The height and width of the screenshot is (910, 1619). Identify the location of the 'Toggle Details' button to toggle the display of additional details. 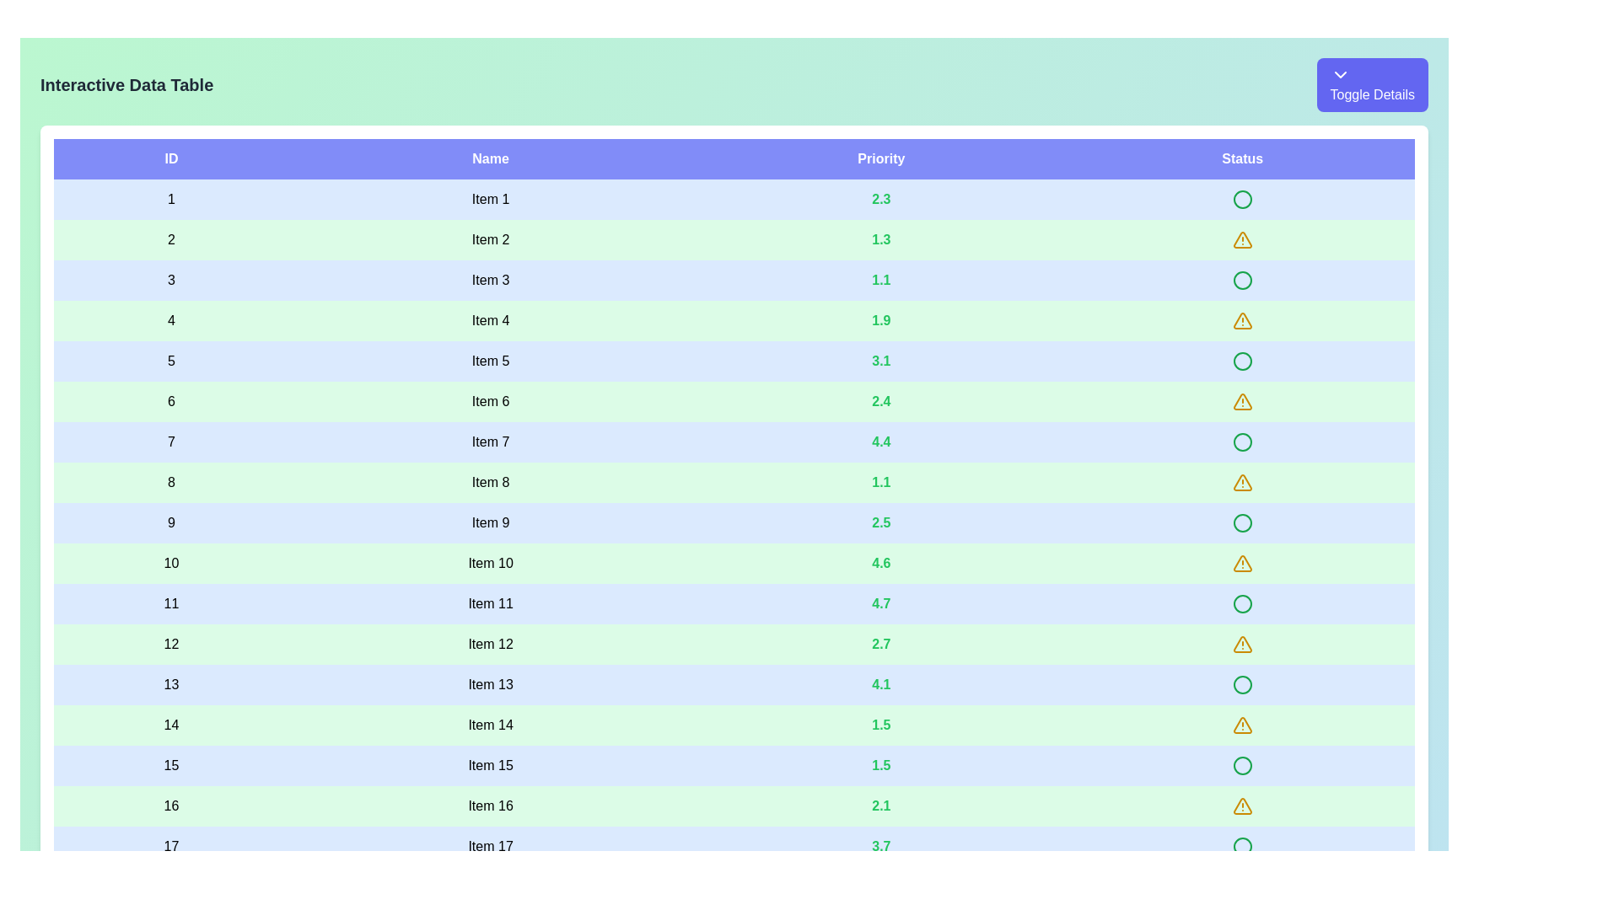
(1372, 84).